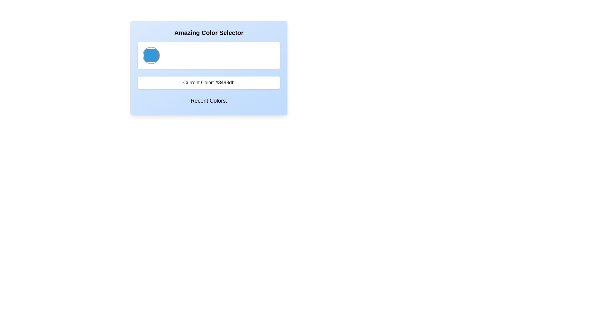 The image size is (589, 331). I want to click on the Text Label that indicates the section's purpose for recent color selections, located below the 'Current Color:' box, so click(209, 100).